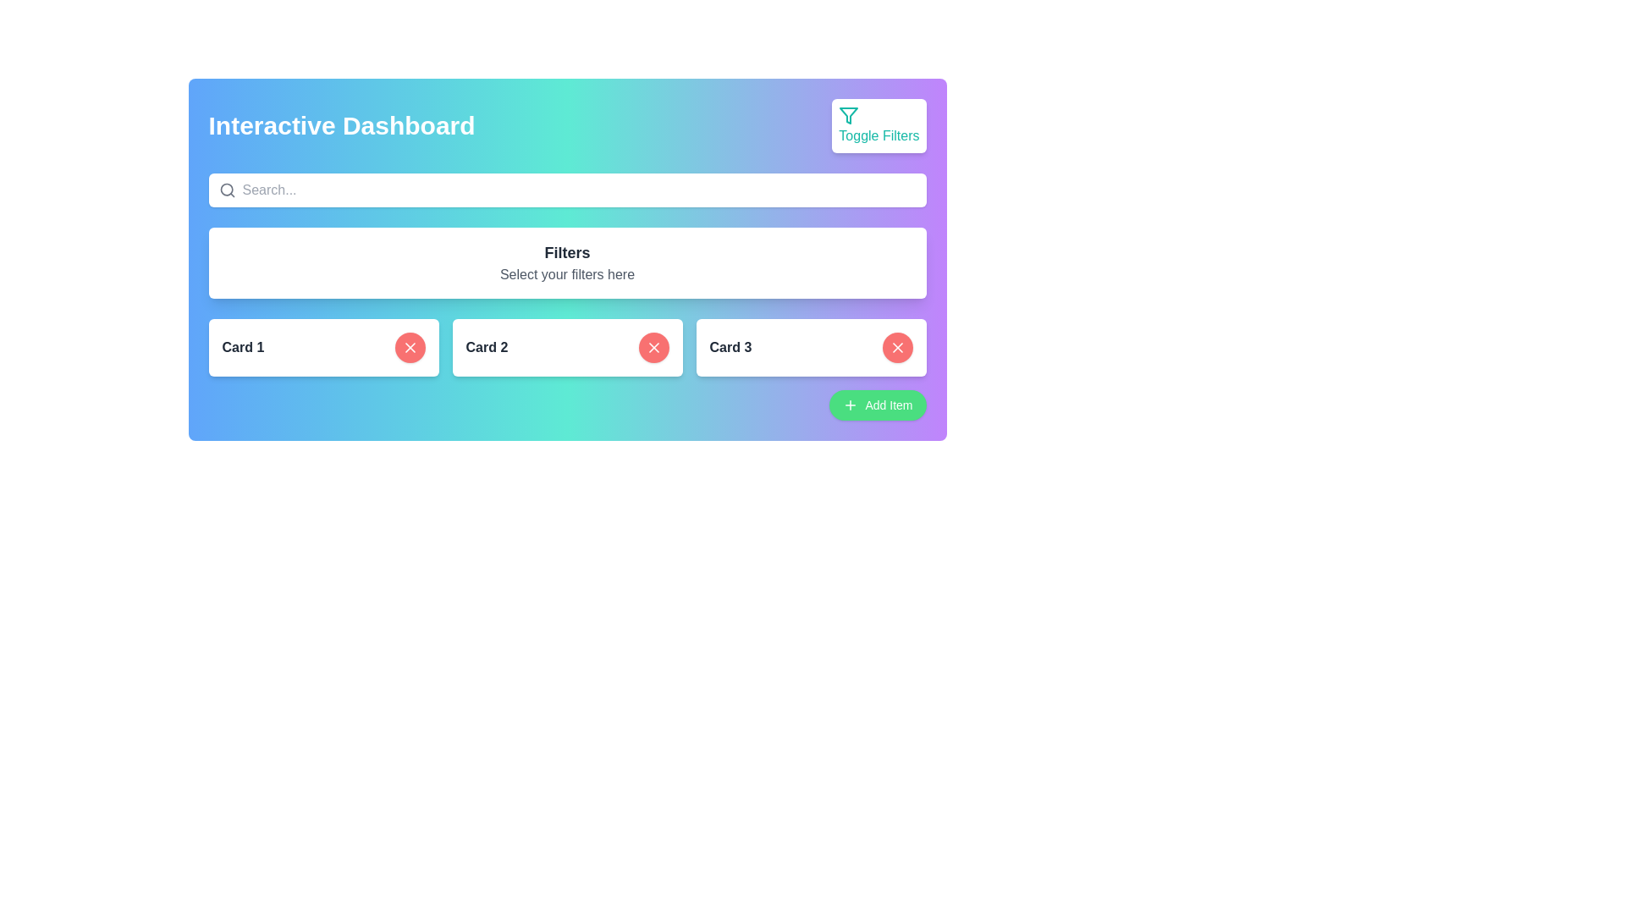  What do you see at coordinates (810, 347) in the screenshot?
I see `the third card component in the list` at bounding box center [810, 347].